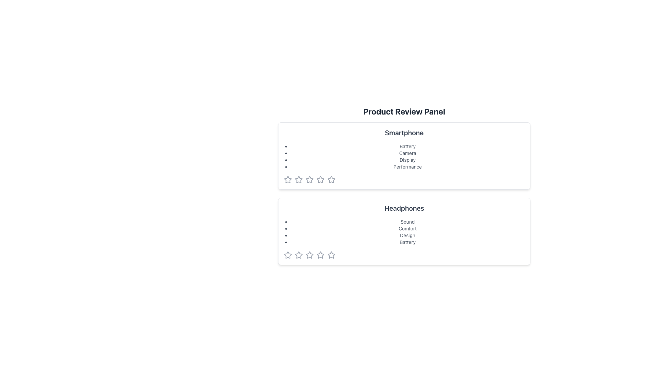  I want to click on the first Star Icon for Rating in the Smartphone section of the product review panel, so click(288, 179).